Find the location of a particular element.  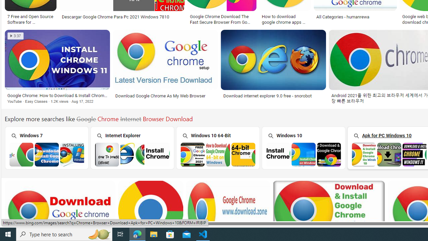

'7 Free and Open Source Software for Windows PC | HubPages' is located at coordinates (30, 18).